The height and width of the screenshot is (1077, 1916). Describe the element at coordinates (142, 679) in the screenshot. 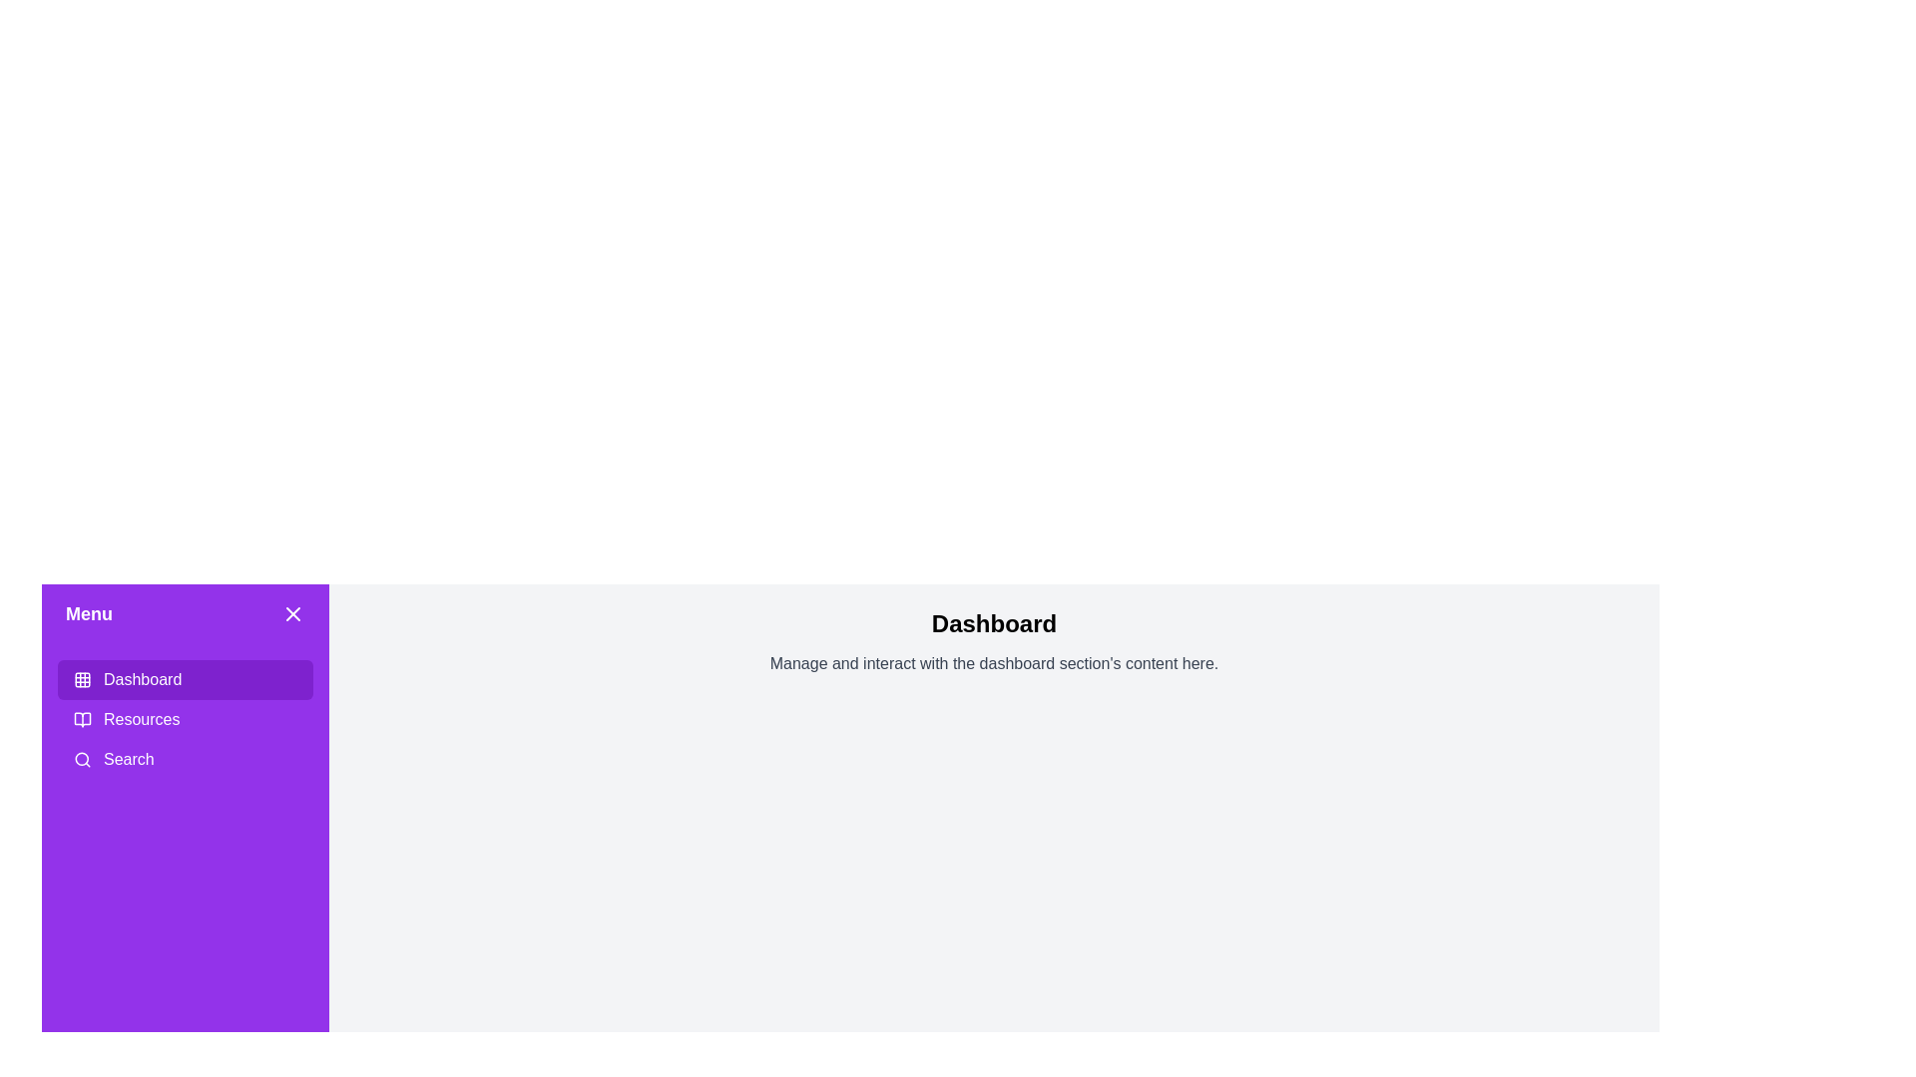

I see `the 'Dashboard' text label in the first navigation item` at that location.